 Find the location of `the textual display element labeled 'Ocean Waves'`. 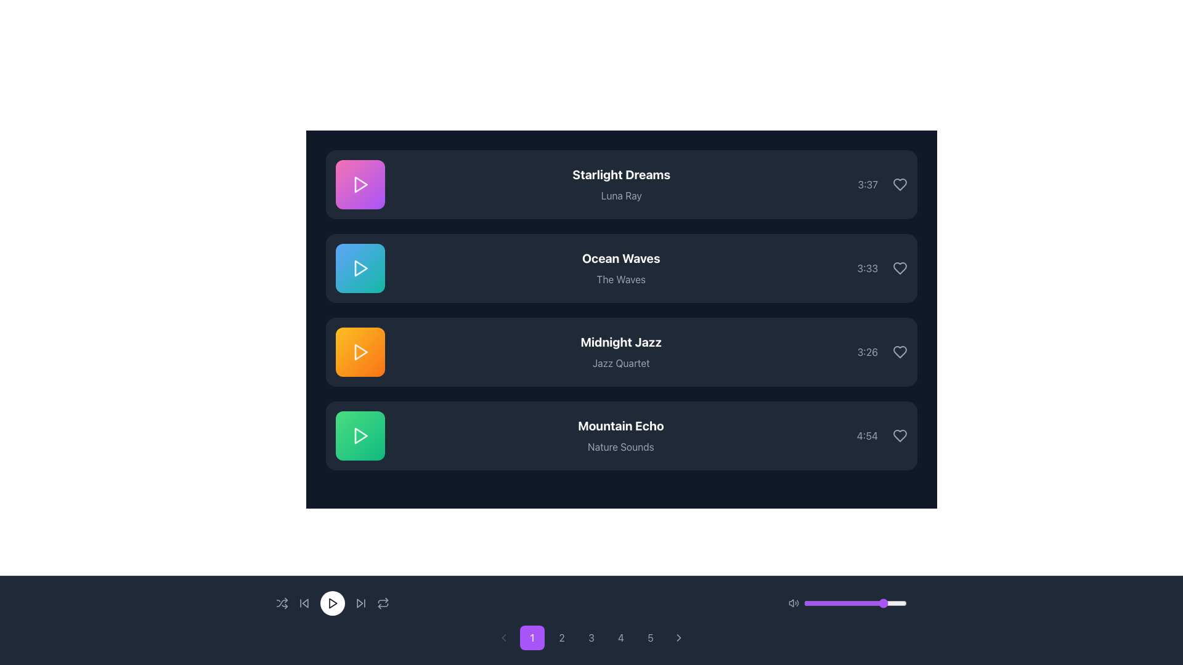

the textual display element labeled 'Ocean Waves' is located at coordinates (621, 267).